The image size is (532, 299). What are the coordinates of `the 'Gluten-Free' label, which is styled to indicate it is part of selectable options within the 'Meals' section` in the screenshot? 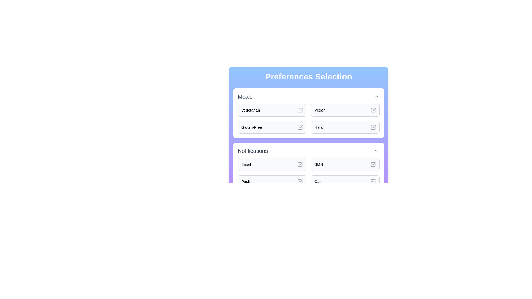 It's located at (251, 127).